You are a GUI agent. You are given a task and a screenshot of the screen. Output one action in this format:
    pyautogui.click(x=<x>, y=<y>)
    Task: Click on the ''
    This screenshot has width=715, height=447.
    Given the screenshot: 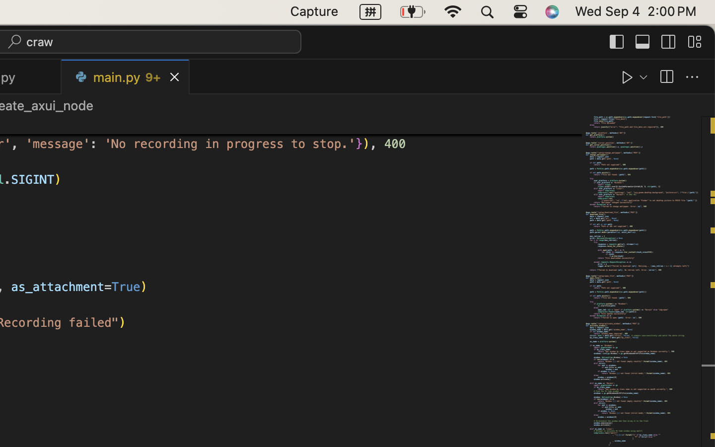 What is the action you would take?
    pyautogui.click(x=628, y=77)
    